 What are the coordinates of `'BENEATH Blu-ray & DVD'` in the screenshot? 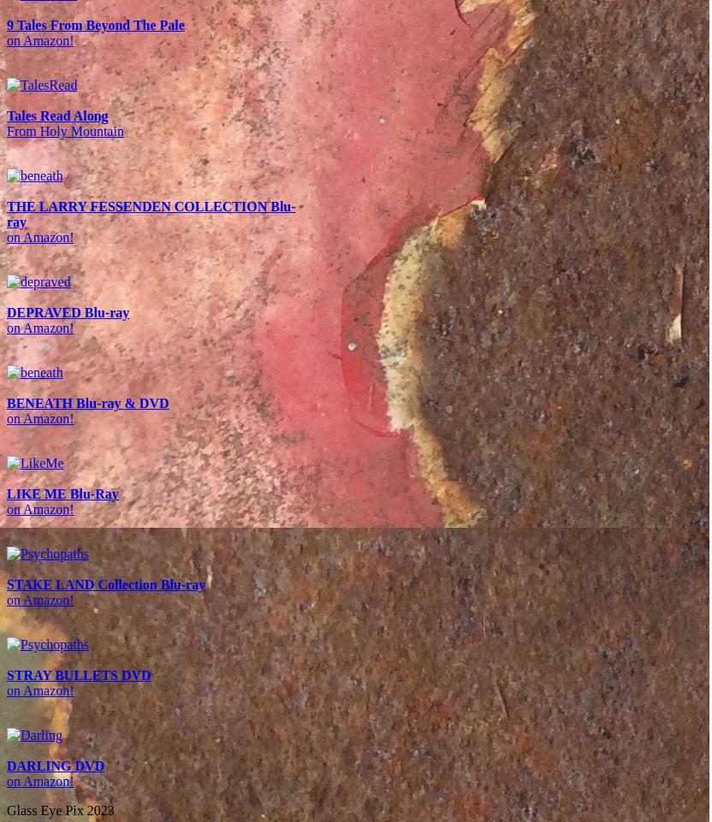 It's located at (86, 401).